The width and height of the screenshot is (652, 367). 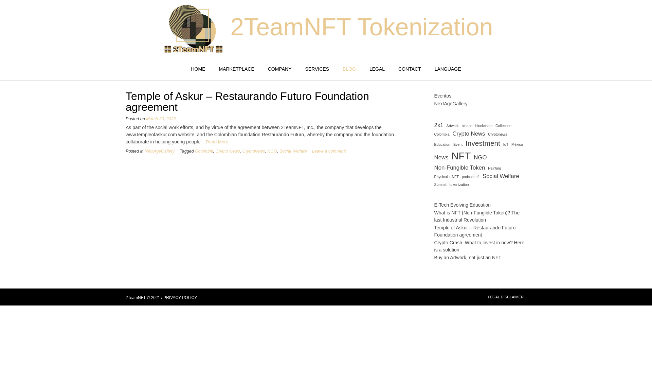 I want to click on 'NextAgeGallery', so click(x=451, y=103).